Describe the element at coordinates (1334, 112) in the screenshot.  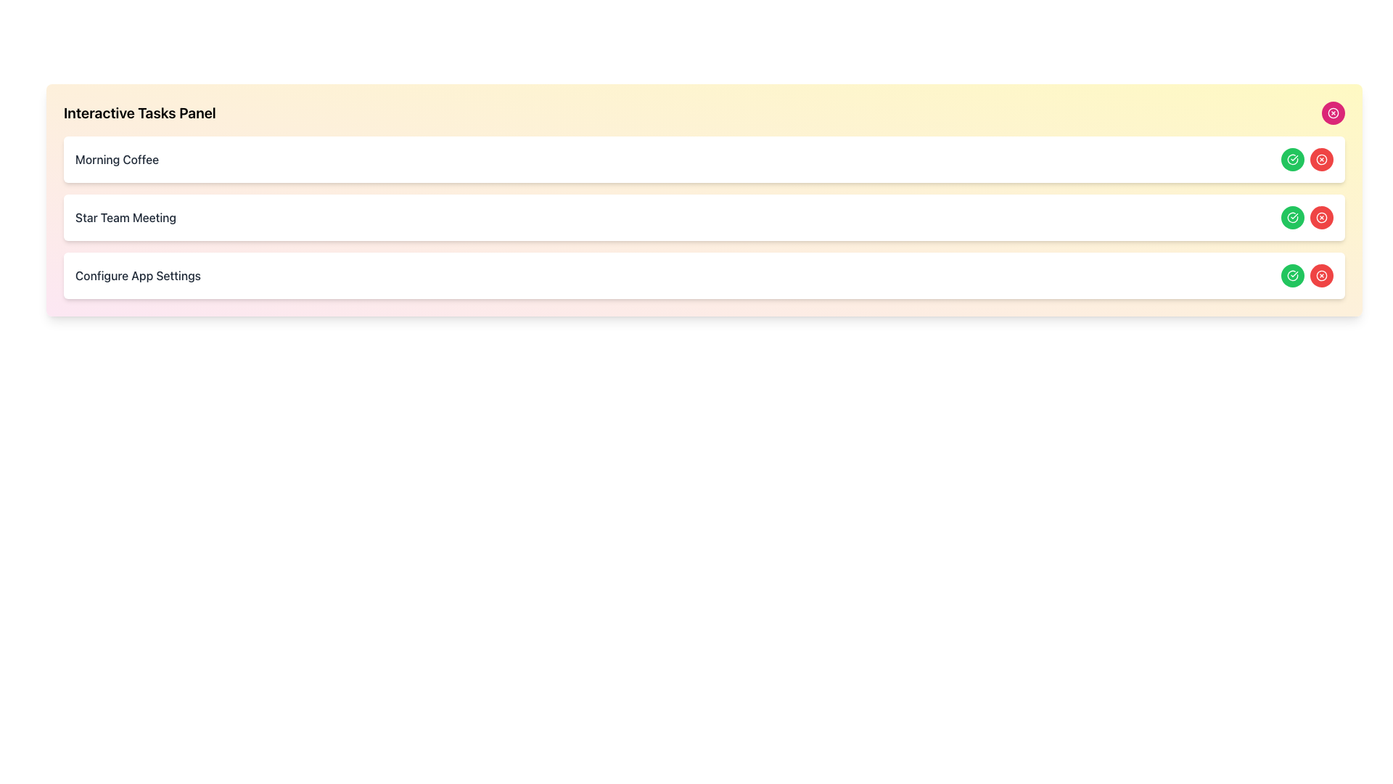
I see `the circular element in the top-right corner of the Interactive Tasks Panel, which serves as the outer boundary of the close icon` at that location.